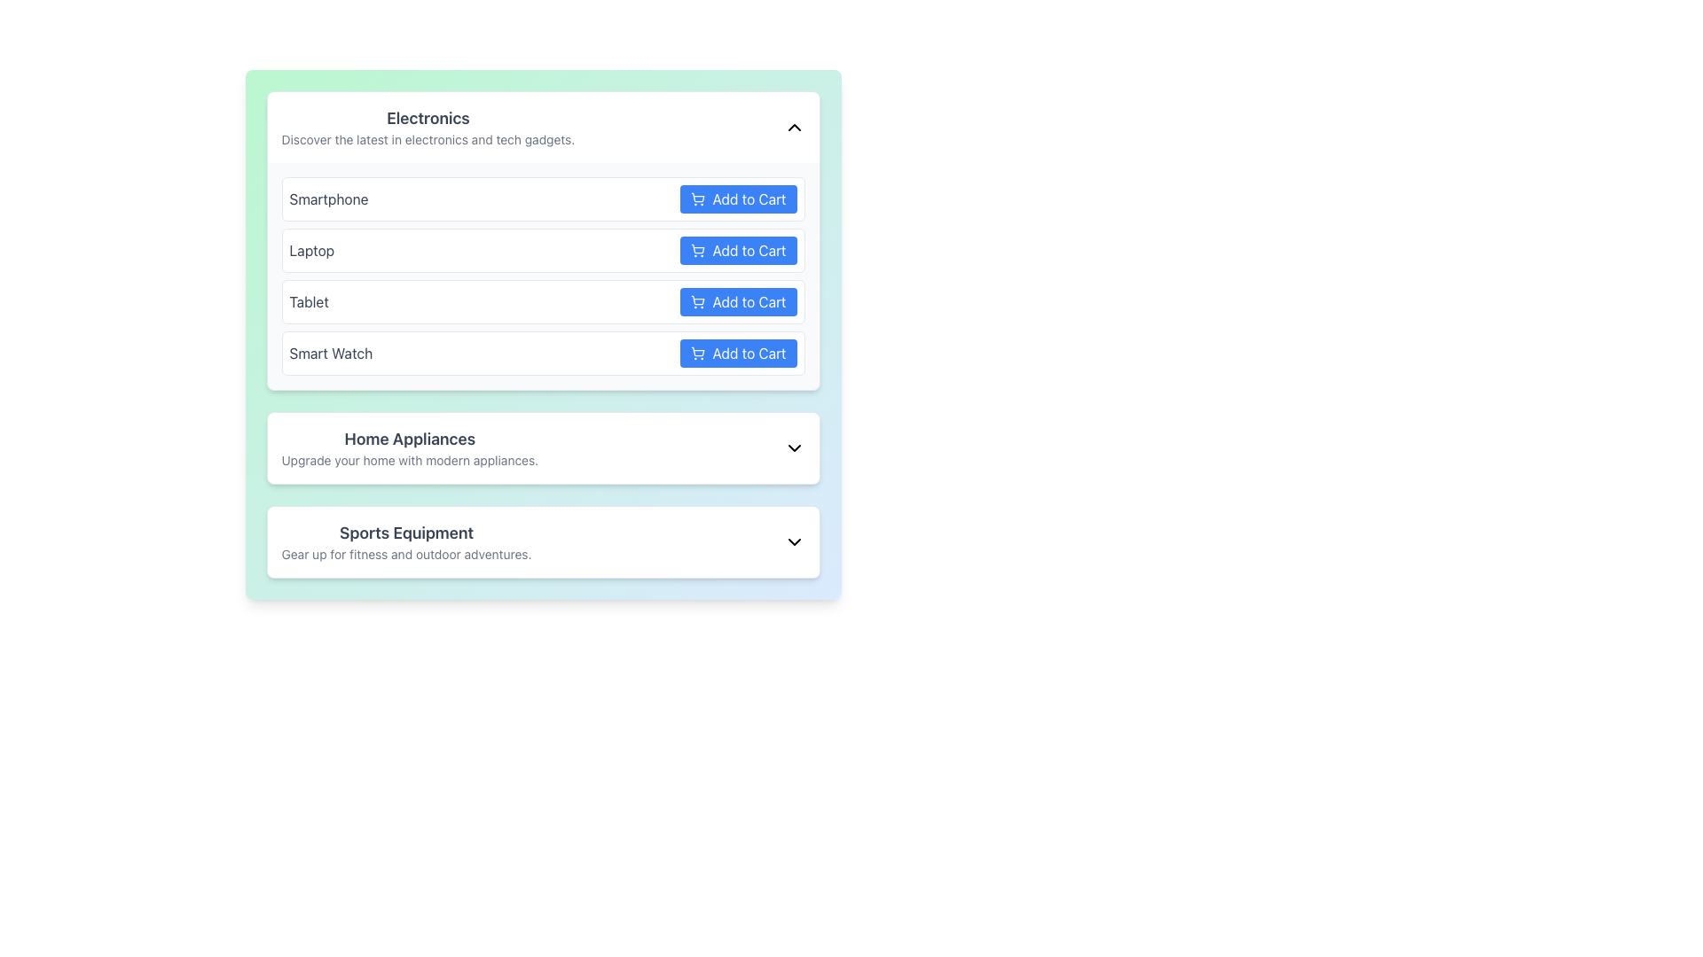 This screenshot has height=957, width=1703. What do you see at coordinates (542, 353) in the screenshot?
I see `product name 'Smart Watch' from the fourth item in the Electronics category, which features a blue 'Add to Cart' button` at bounding box center [542, 353].